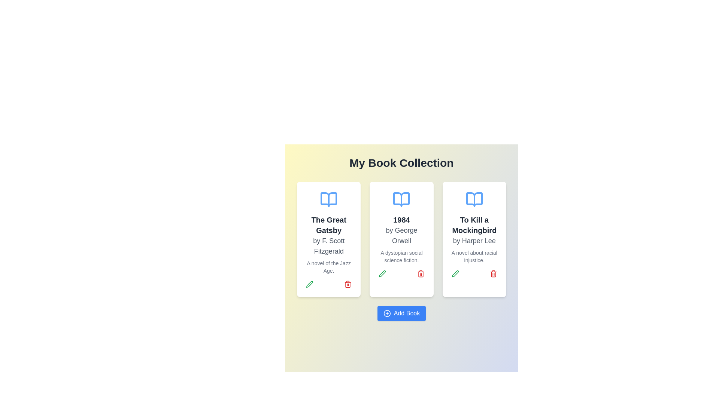 The width and height of the screenshot is (719, 404). I want to click on the bold text element displaying '1984', which is centrally located in the middle card above the text 'by George Orwell', so click(401, 219).